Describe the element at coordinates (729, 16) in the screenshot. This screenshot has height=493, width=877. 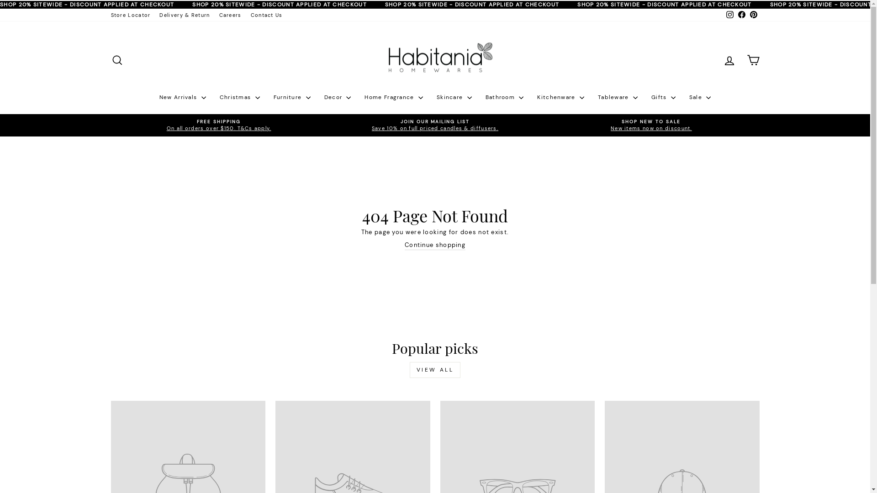
I see `'instagram` at that location.